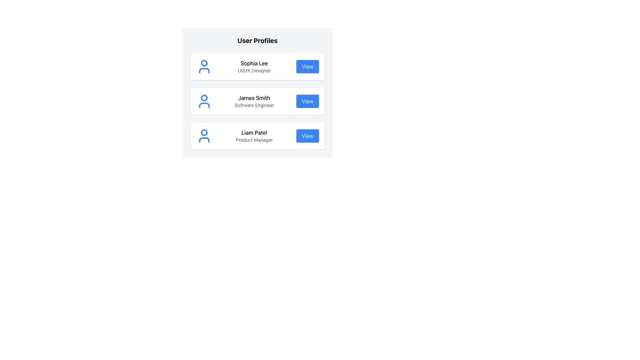 The width and height of the screenshot is (640, 360). Describe the element at coordinates (254, 105) in the screenshot. I see `the descriptive text label indicating the professional role or title of the user 'James Smith', located below his name and above the 'View' button in the profile section` at that location.